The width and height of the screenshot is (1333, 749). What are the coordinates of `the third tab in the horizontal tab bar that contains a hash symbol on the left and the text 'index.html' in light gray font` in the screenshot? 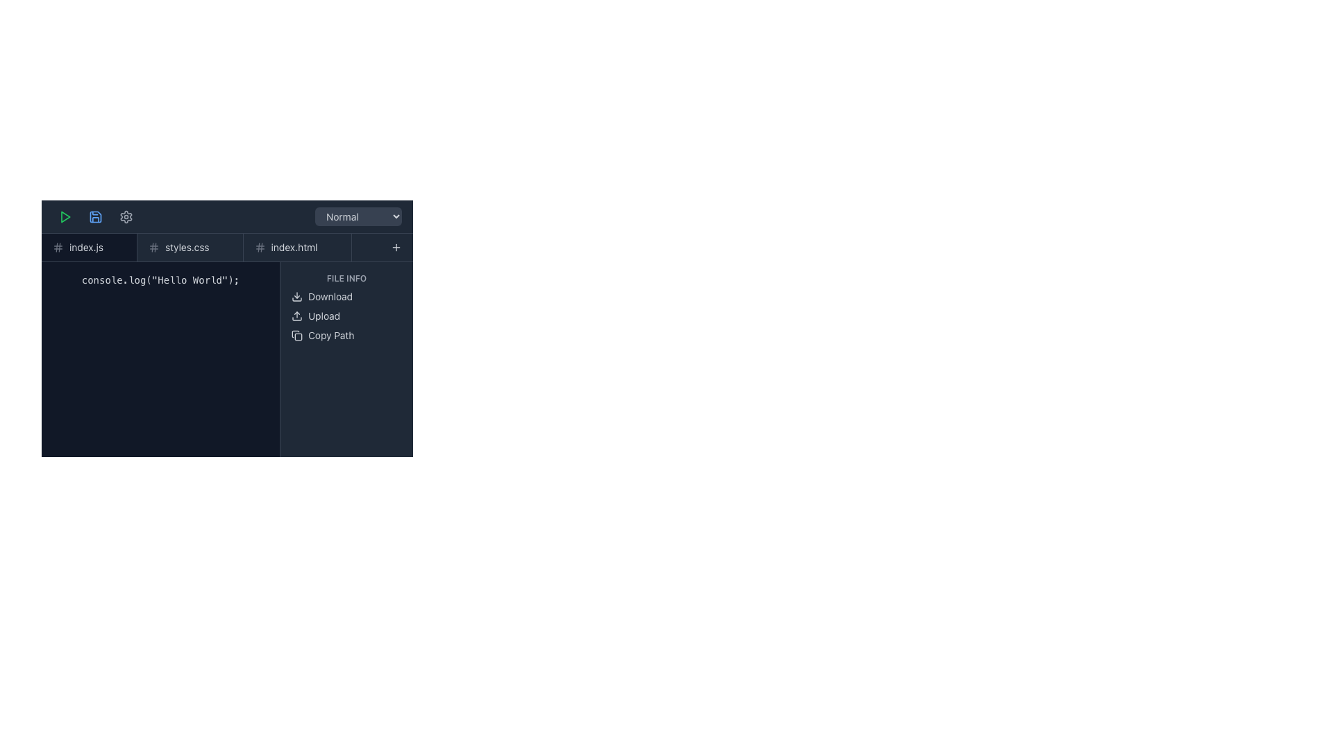 It's located at (296, 247).